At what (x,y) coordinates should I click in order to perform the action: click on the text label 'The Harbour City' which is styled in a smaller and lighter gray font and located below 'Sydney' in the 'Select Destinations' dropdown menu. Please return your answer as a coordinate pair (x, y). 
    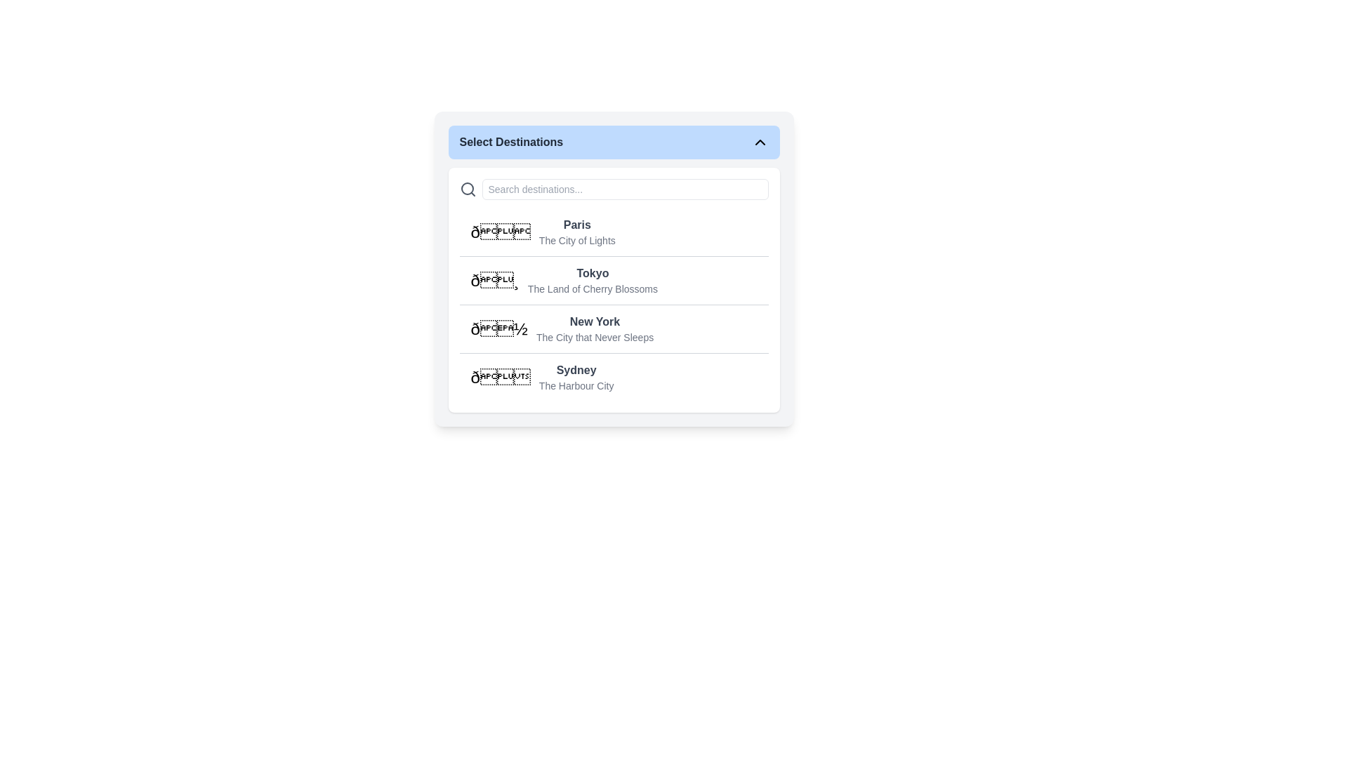
    Looking at the image, I should click on (576, 386).